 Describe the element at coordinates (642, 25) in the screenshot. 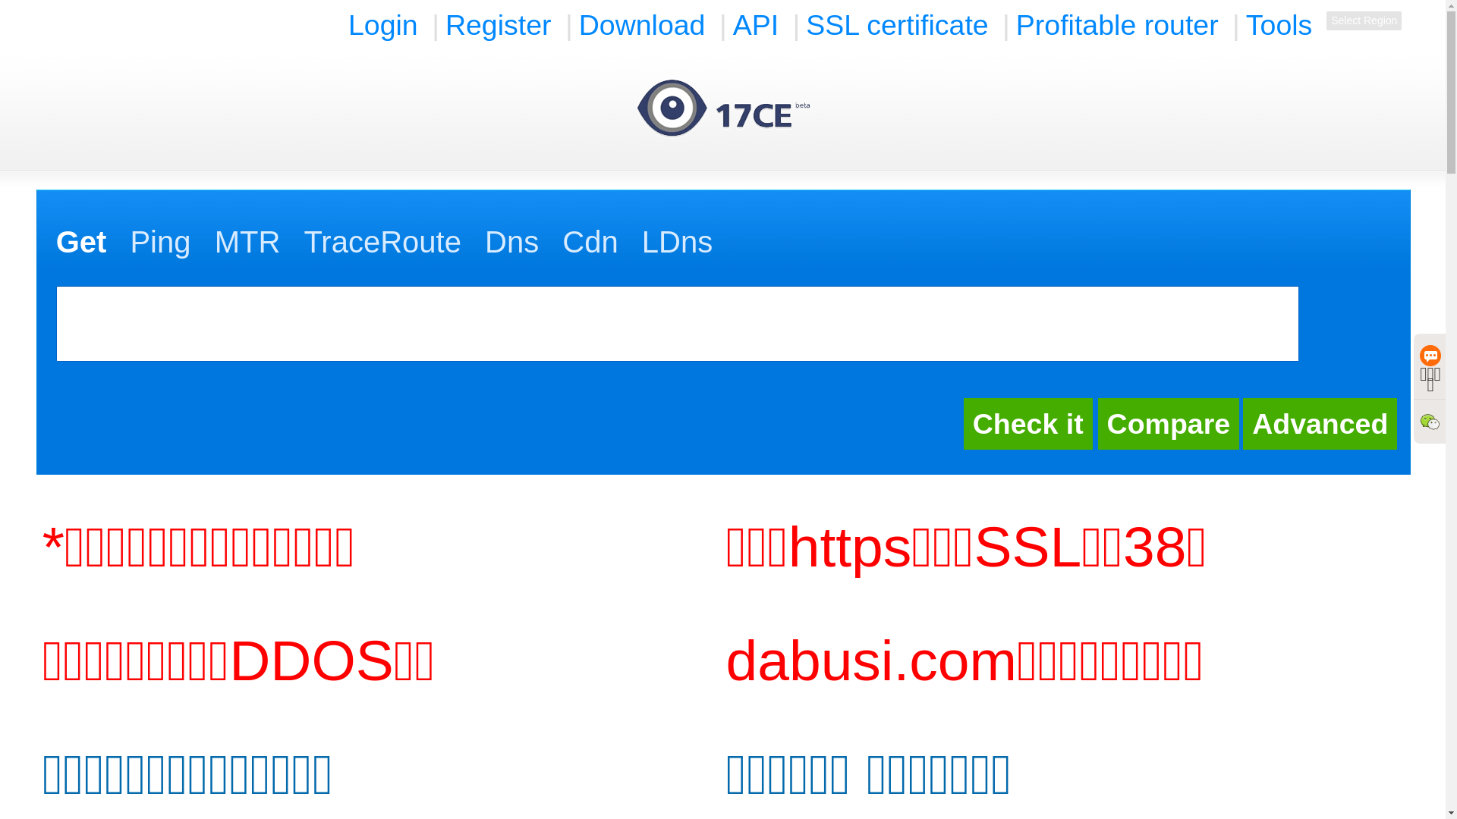

I see `'Download'` at that location.